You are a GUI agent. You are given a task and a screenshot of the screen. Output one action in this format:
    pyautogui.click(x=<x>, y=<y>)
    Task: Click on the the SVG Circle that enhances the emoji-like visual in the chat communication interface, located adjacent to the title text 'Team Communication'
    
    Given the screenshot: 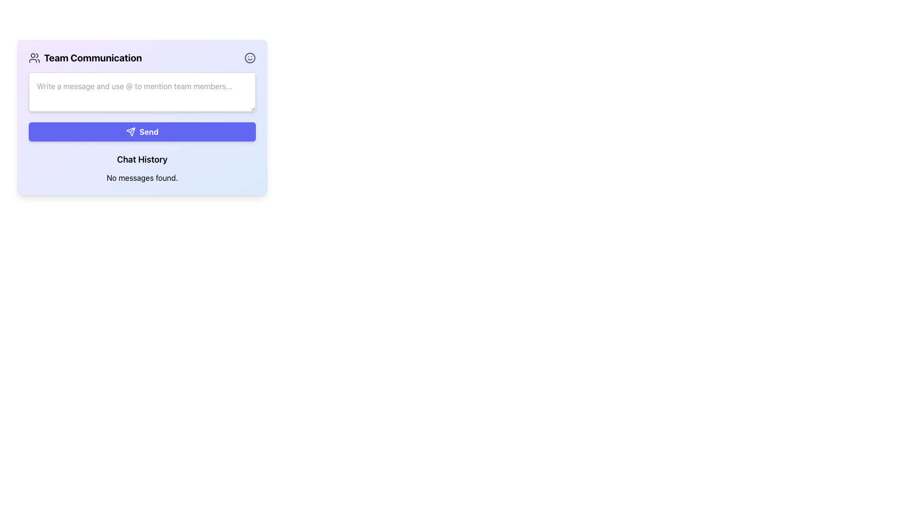 What is the action you would take?
    pyautogui.click(x=250, y=58)
    